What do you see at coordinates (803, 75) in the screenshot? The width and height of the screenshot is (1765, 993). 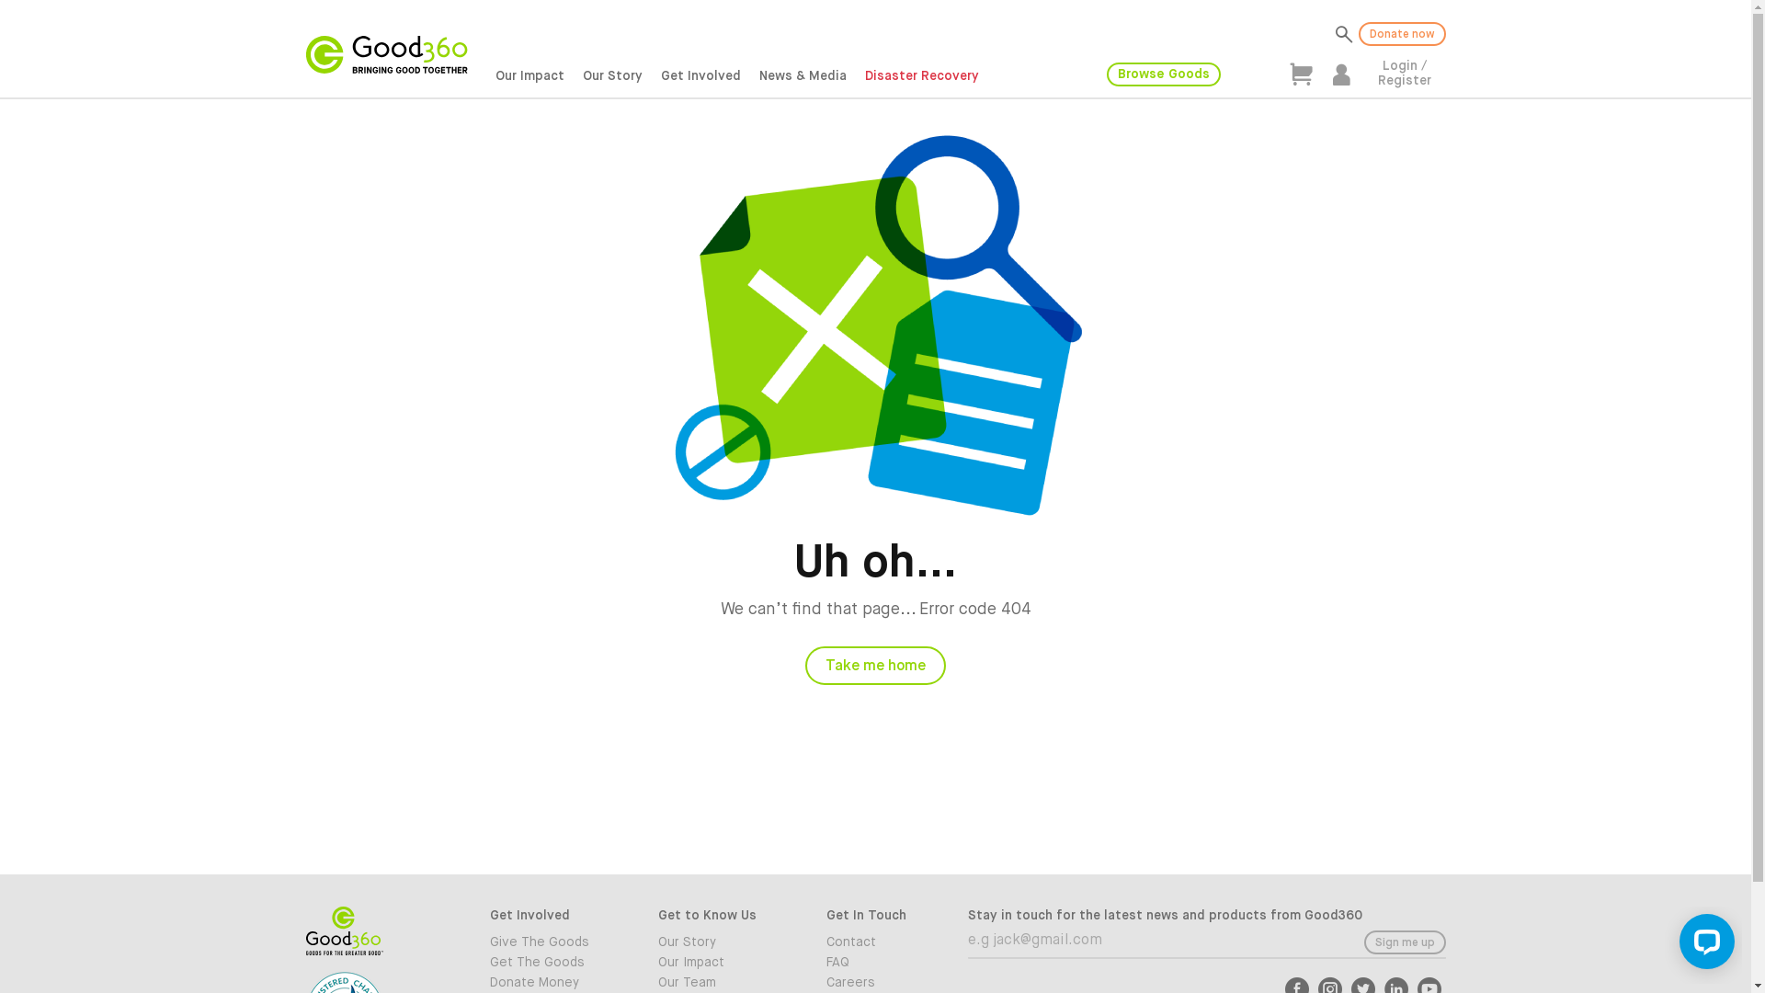 I see `'News & Media'` at bounding box center [803, 75].